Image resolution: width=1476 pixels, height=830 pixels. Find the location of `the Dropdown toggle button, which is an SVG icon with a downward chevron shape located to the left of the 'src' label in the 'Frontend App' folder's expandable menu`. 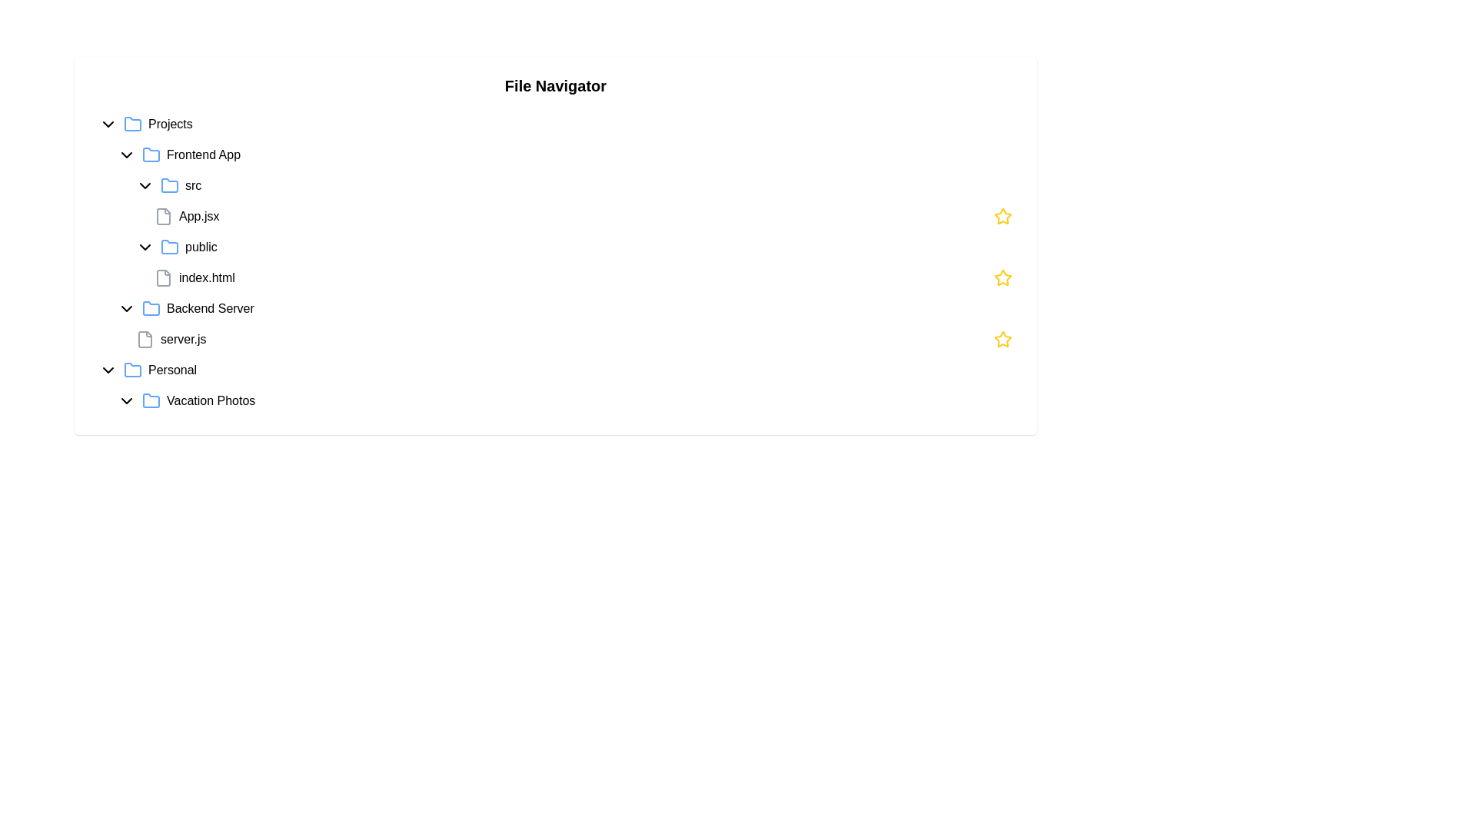

the Dropdown toggle button, which is an SVG icon with a downward chevron shape located to the left of the 'src' label in the 'Frontend App' folder's expandable menu is located at coordinates (145, 185).